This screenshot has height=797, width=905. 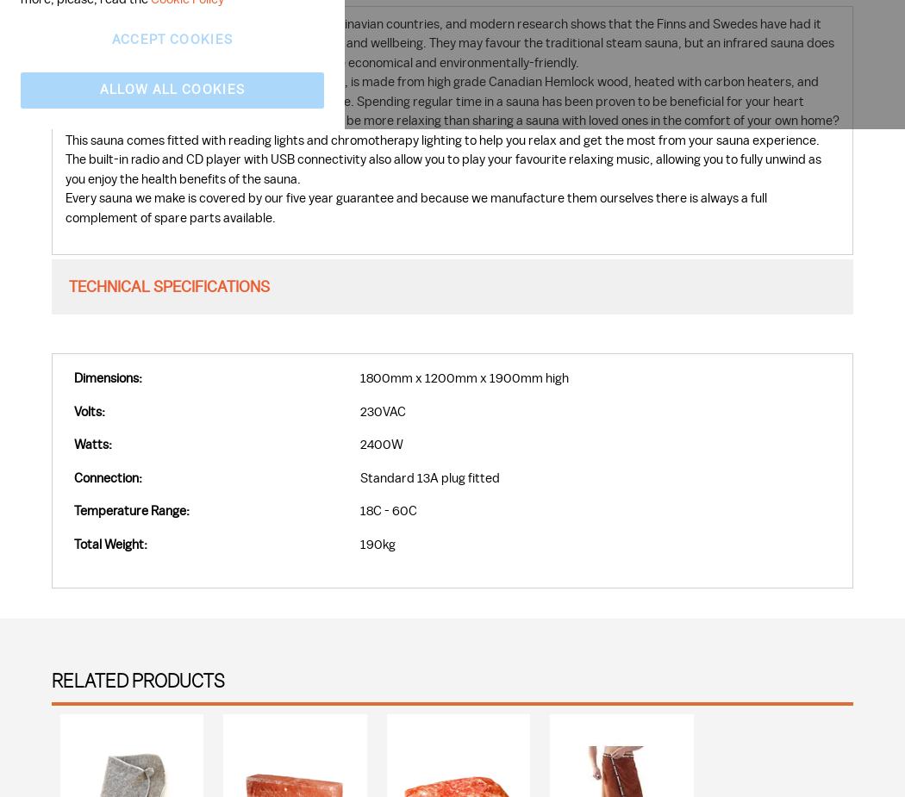 What do you see at coordinates (131, 511) in the screenshot?
I see `'Temperature Range:'` at bounding box center [131, 511].